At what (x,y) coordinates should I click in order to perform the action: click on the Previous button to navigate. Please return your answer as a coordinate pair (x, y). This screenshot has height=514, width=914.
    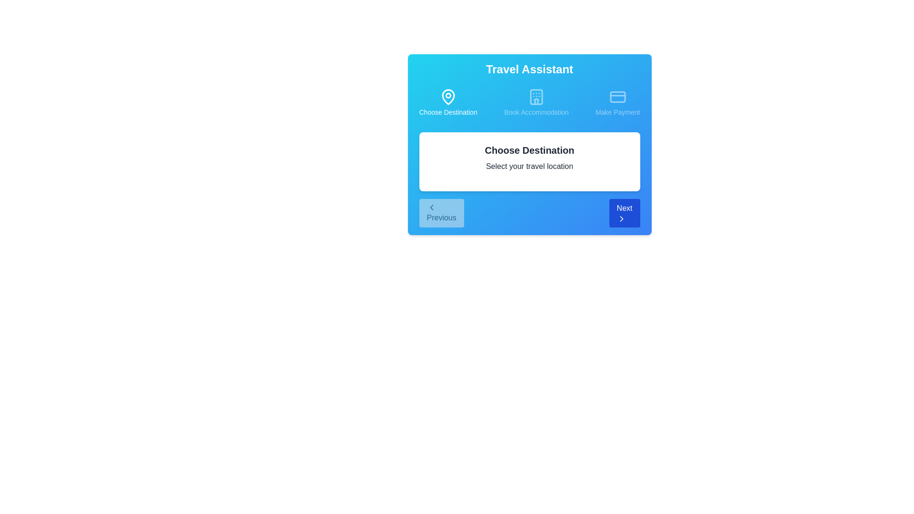
    Looking at the image, I should click on (441, 212).